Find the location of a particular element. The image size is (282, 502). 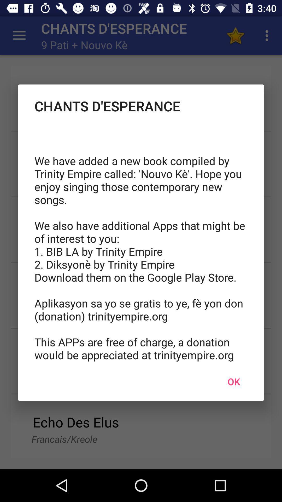

ok icon is located at coordinates (233, 381).